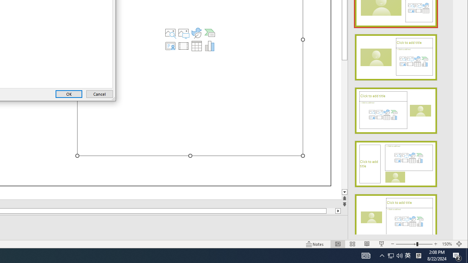 This screenshot has width=468, height=263. I want to click on 'Insert a SmartArt Graphic', so click(210, 33).